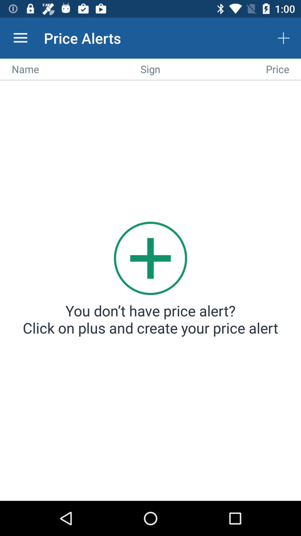  I want to click on the item above you don t icon, so click(151, 258).